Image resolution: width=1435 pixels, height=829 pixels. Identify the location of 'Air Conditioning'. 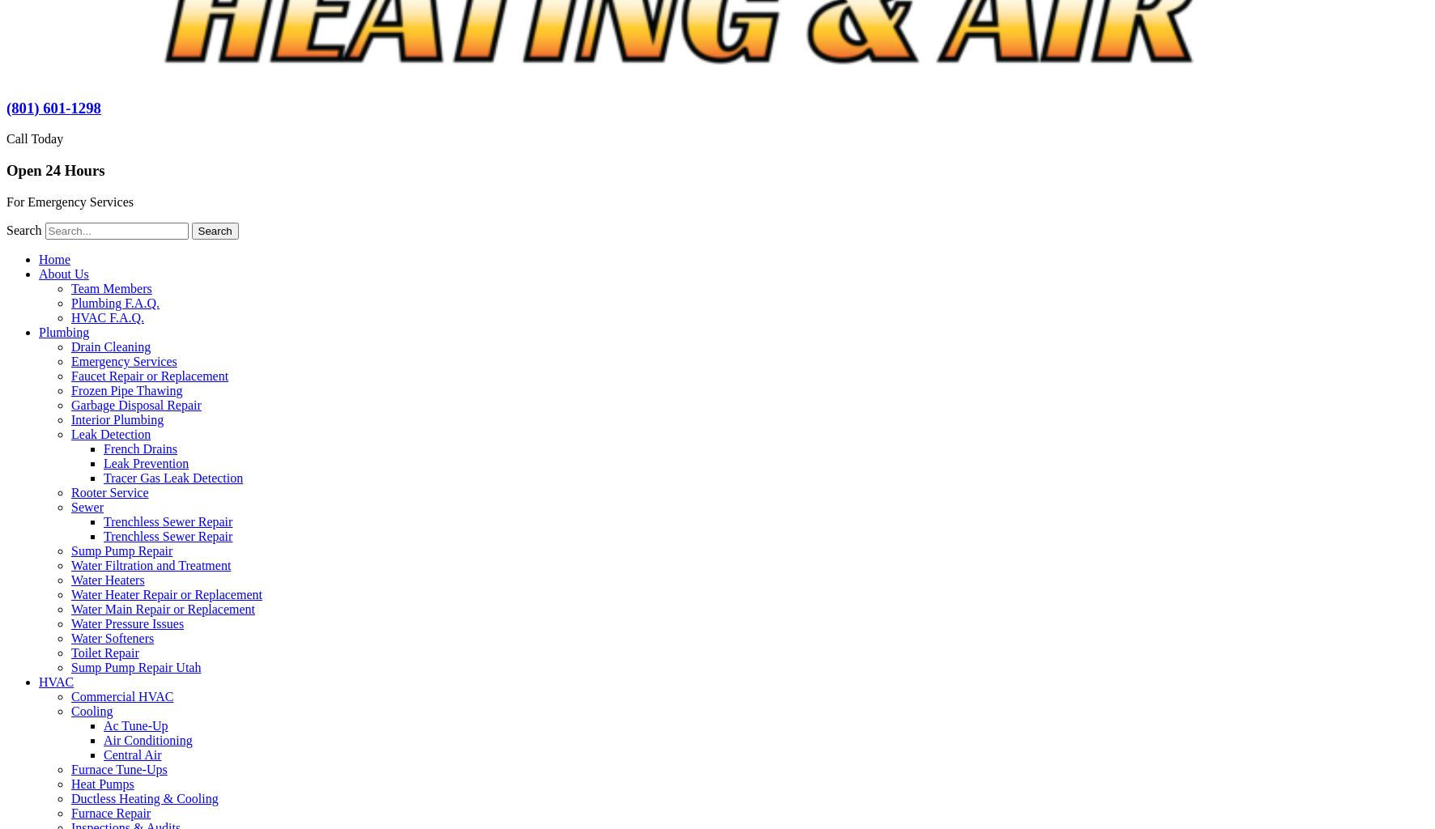
(147, 738).